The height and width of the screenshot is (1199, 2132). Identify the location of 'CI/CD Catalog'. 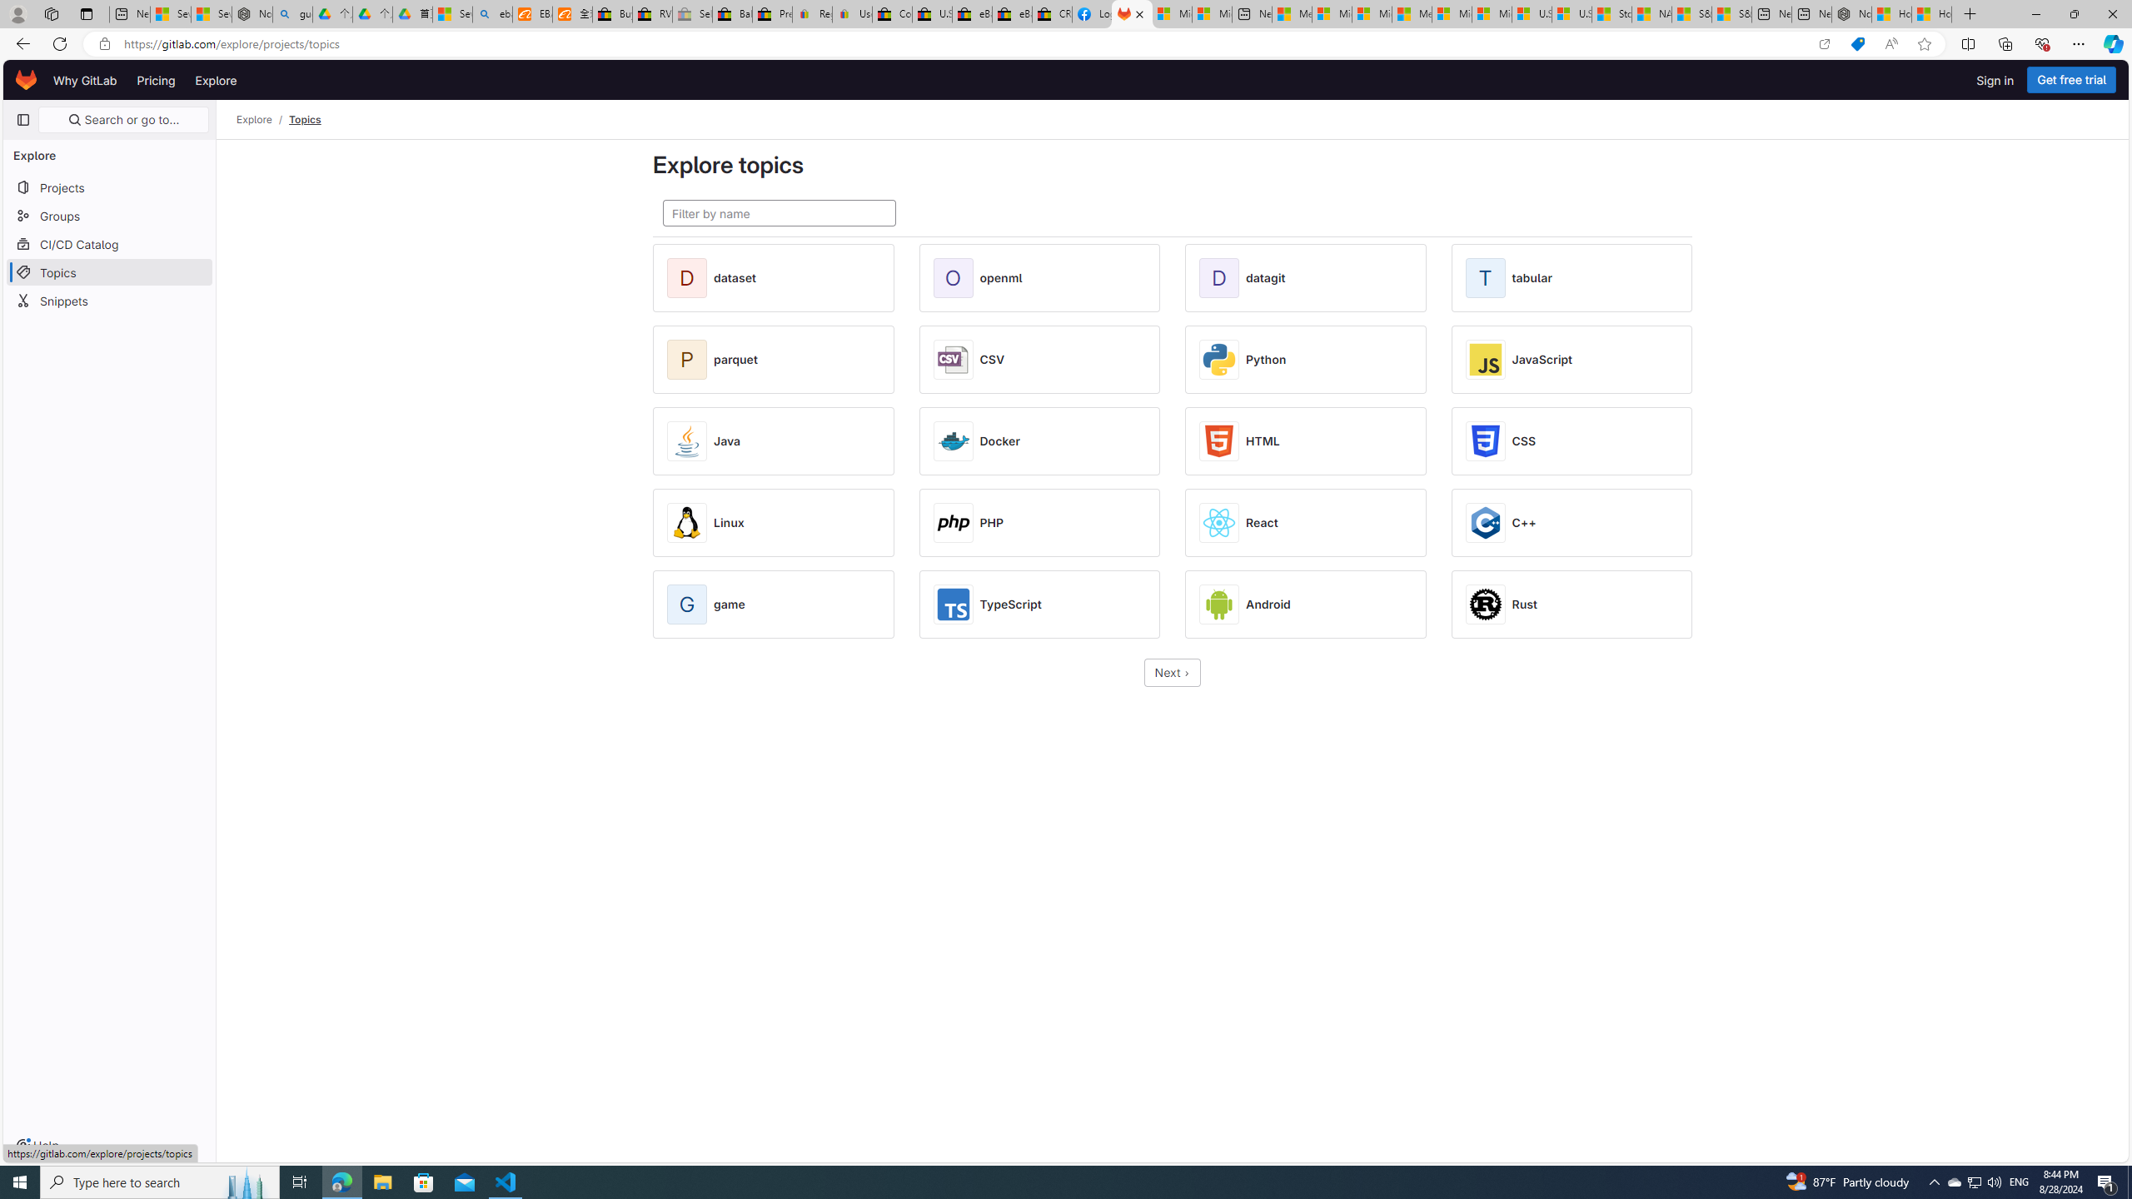
(108, 243).